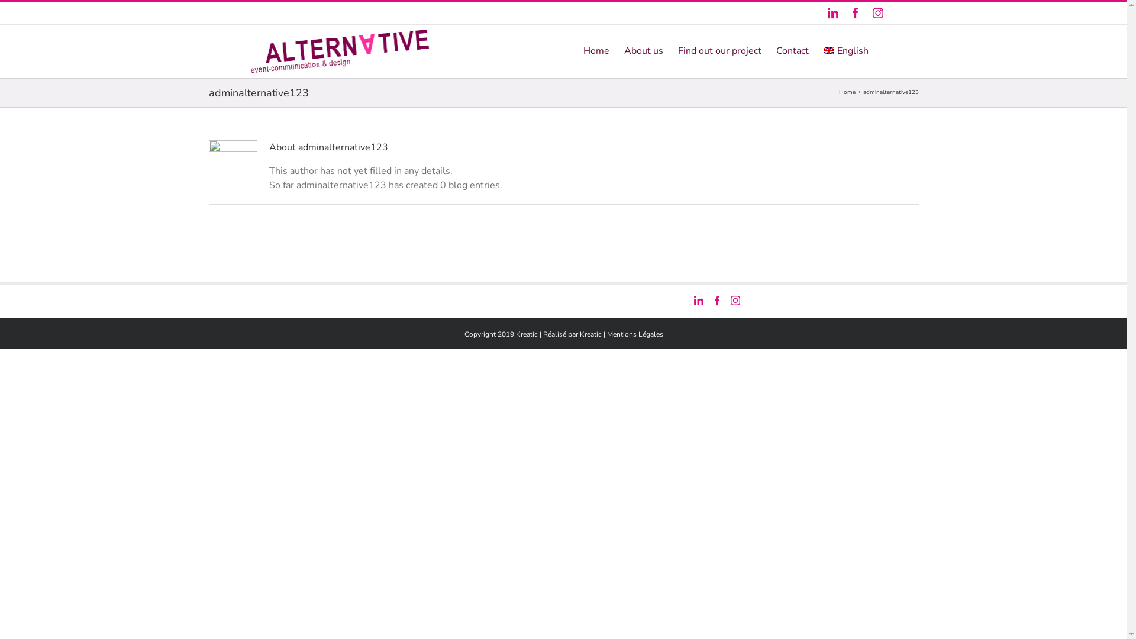  What do you see at coordinates (838, 91) in the screenshot?
I see `'Home'` at bounding box center [838, 91].